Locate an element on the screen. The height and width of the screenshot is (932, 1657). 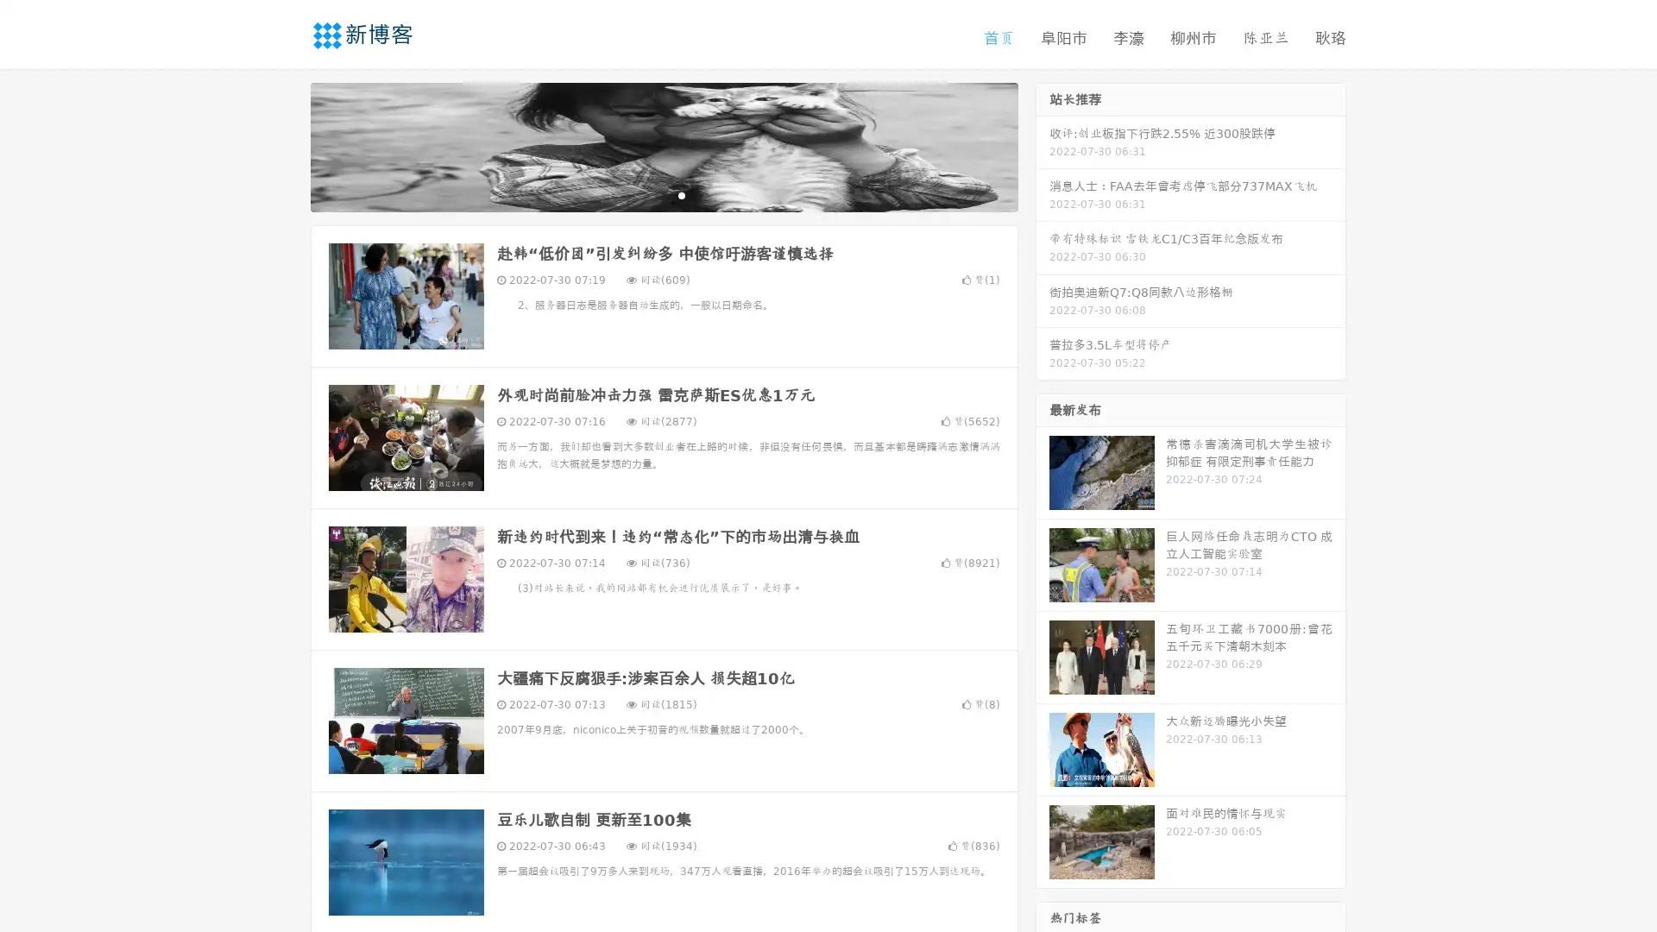
Go to slide 2 is located at coordinates (663, 194).